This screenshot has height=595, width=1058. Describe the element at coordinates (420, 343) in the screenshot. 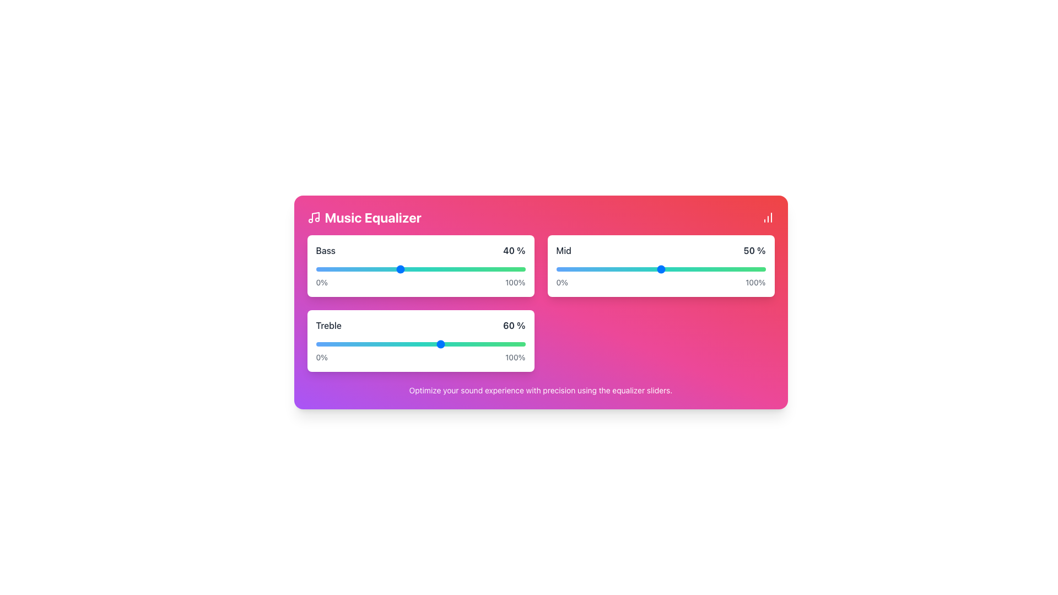

I see `the horizontal slider bar in the 'Treble' section to reposition the handle from its current position at '60%'` at that location.